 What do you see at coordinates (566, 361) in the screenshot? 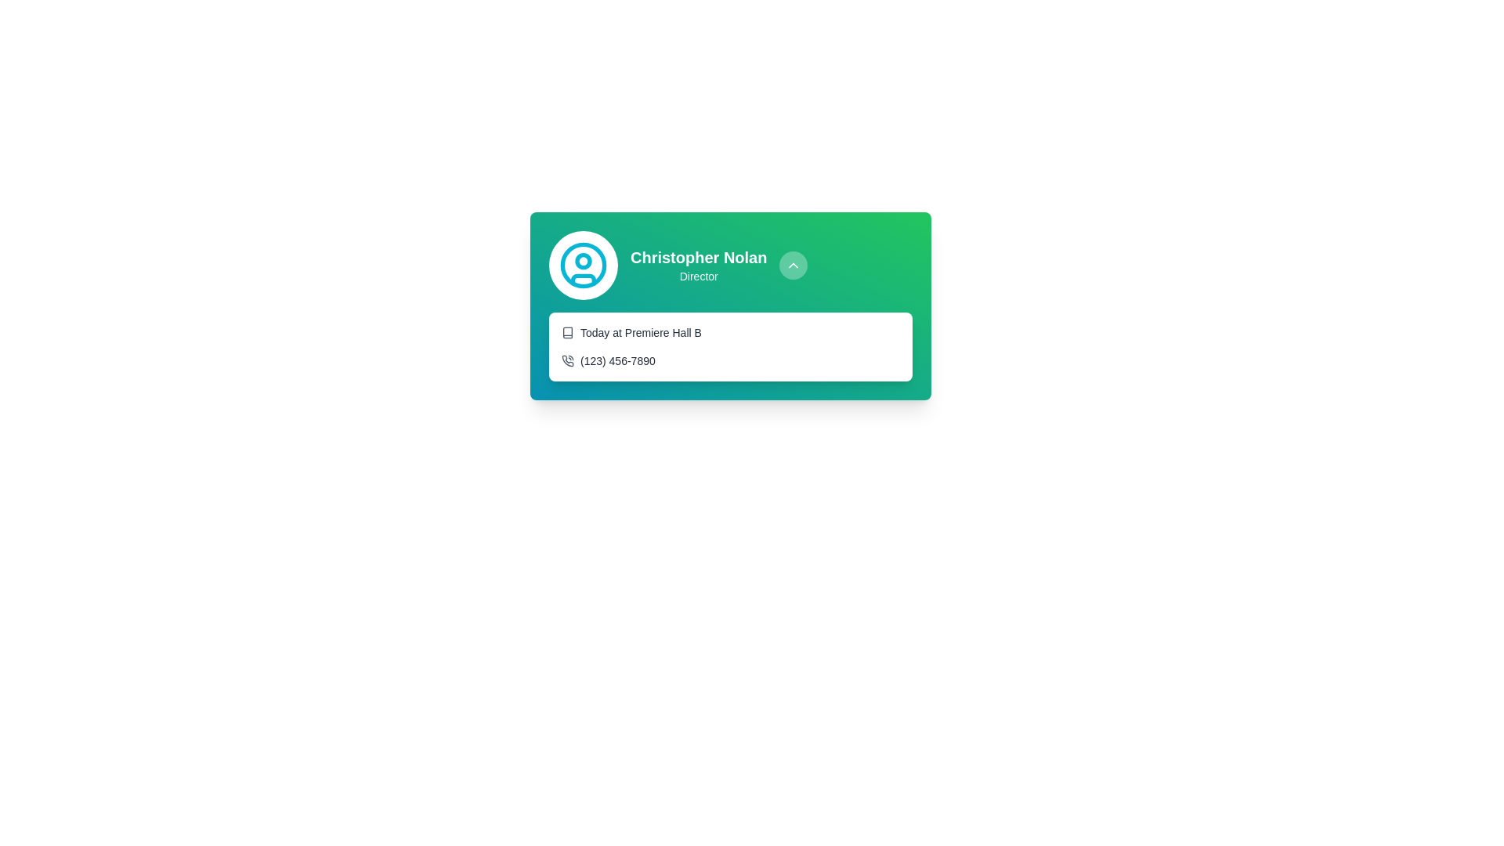
I see `the phone call icon, which is a small circular icon with a handset and signal lines, located to the left of the text '(123) 456-7890'` at bounding box center [566, 361].